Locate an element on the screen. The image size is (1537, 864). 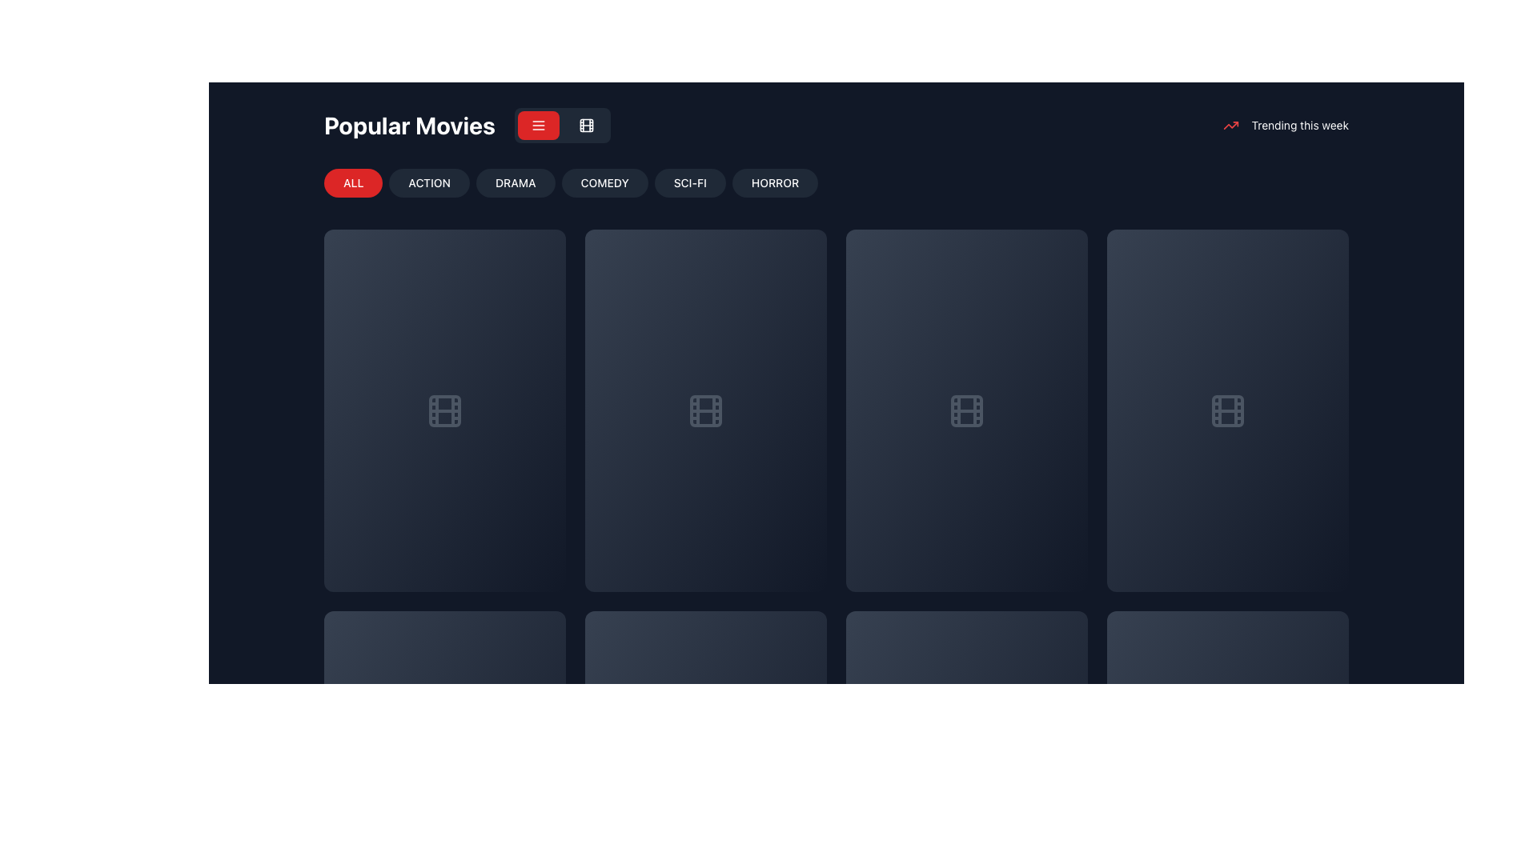
the 'DRAMA' button is located at coordinates (516, 182).